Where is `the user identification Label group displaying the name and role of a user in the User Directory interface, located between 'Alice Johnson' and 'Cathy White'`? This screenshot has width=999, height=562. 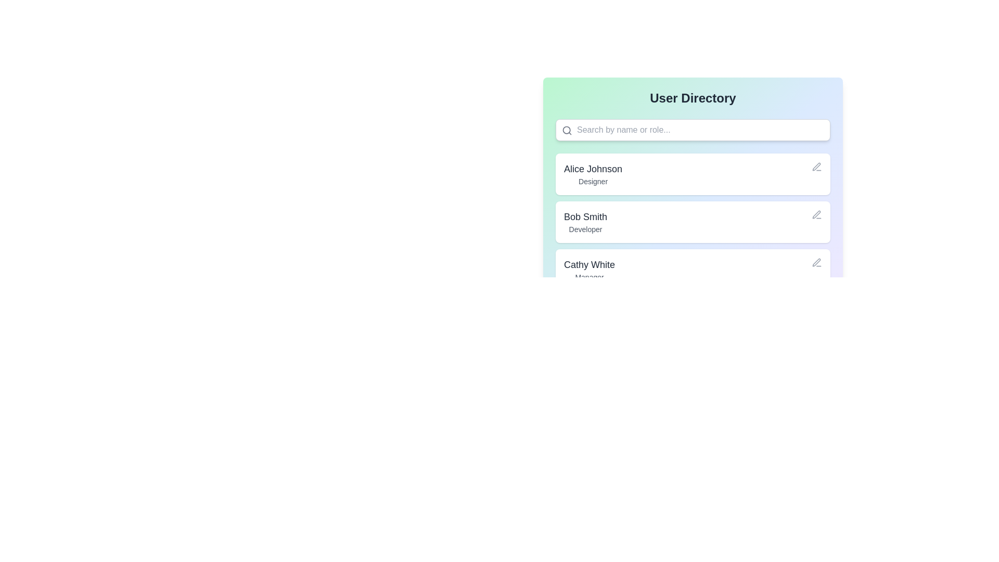 the user identification Label group displaying the name and role of a user in the User Directory interface, located between 'Alice Johnson' and 'Cathy White' is located at coordinates (585, 222).